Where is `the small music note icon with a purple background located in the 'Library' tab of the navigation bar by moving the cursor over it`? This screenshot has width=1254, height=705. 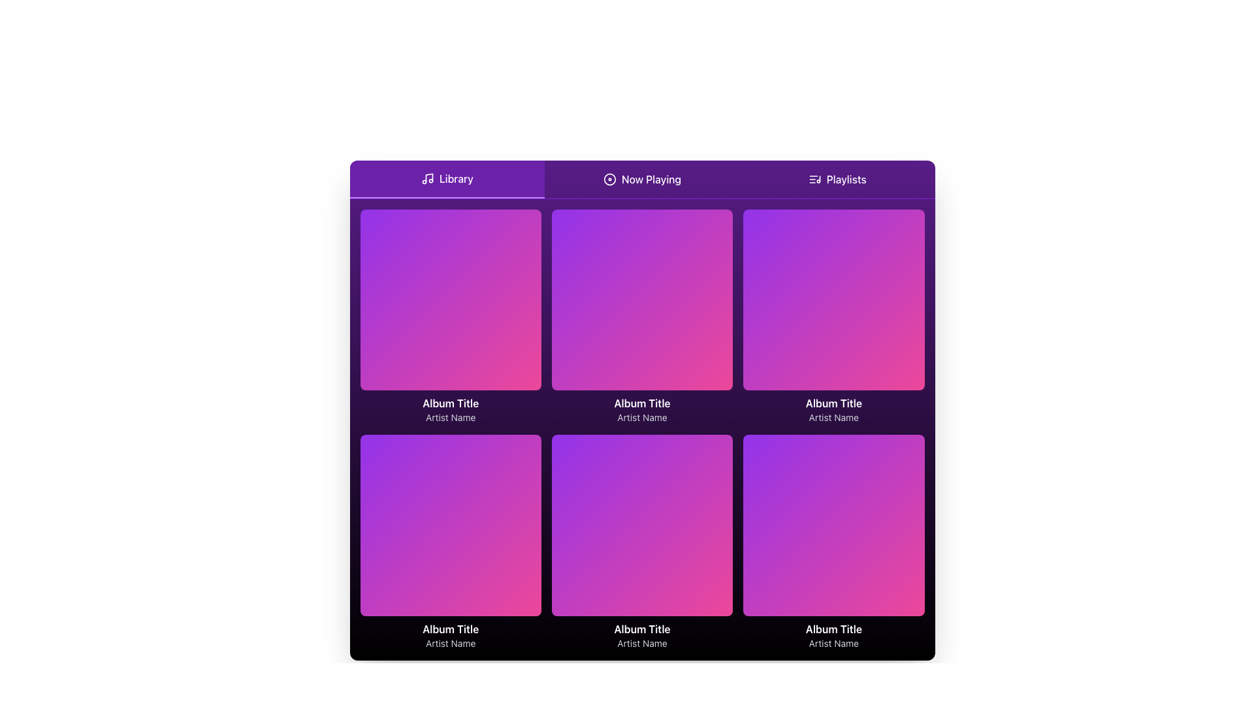 the small music note icon with a purple background located in the 'Library' tab of the navigation bar by moving the cursor over it is located at coordinates (427, 178).